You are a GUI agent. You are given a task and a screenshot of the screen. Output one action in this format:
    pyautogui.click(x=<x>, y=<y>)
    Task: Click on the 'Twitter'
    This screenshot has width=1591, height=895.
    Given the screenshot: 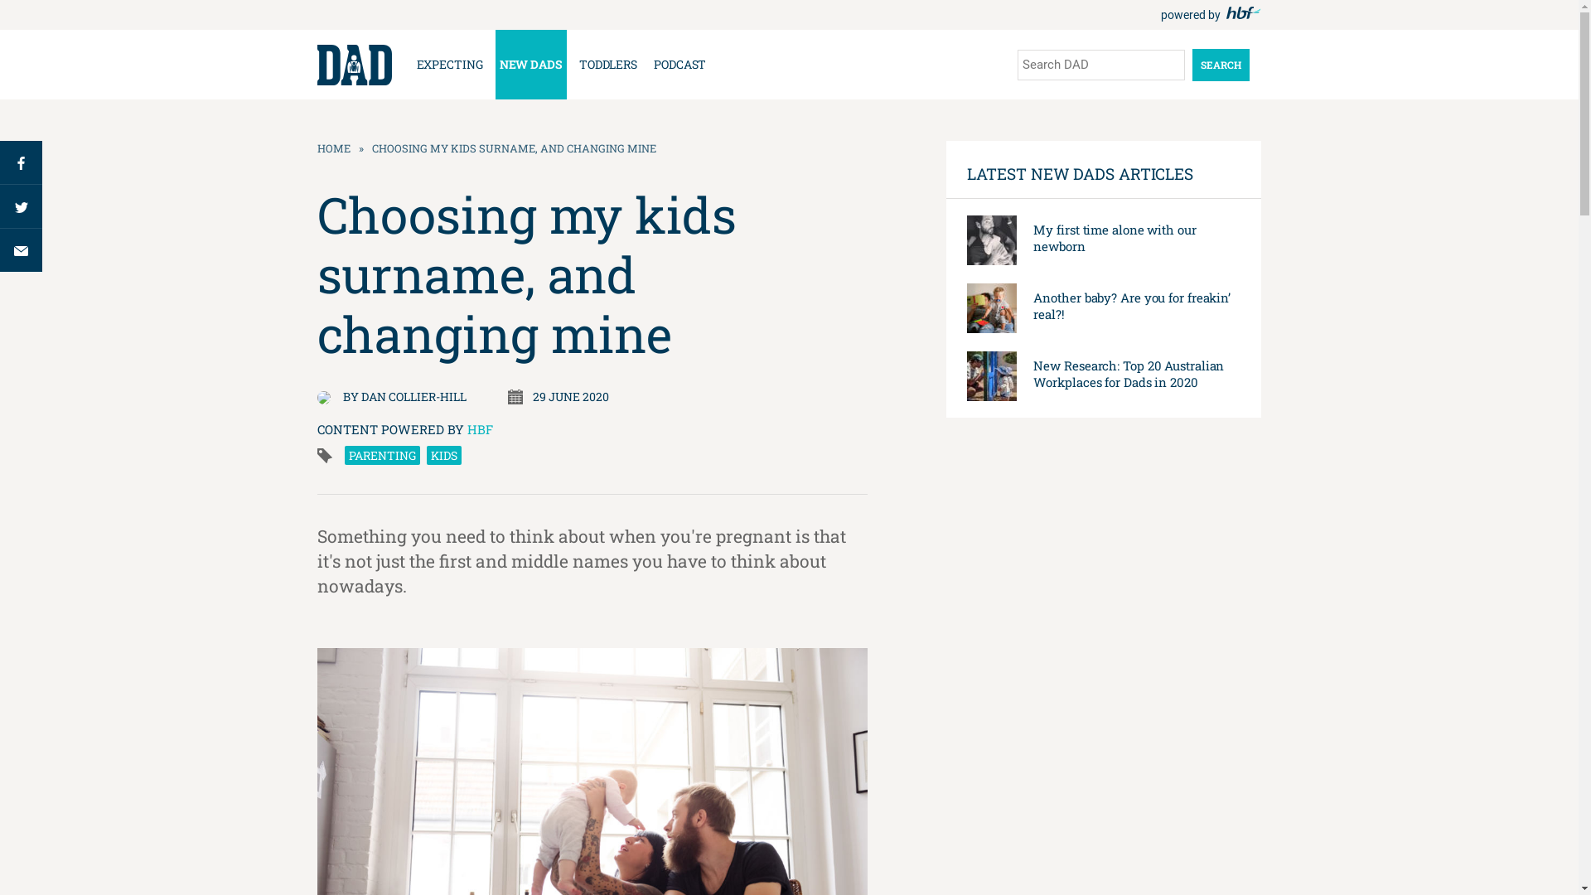 What is the action you would take?
    pyautogui.click(x=21, y=205)
    